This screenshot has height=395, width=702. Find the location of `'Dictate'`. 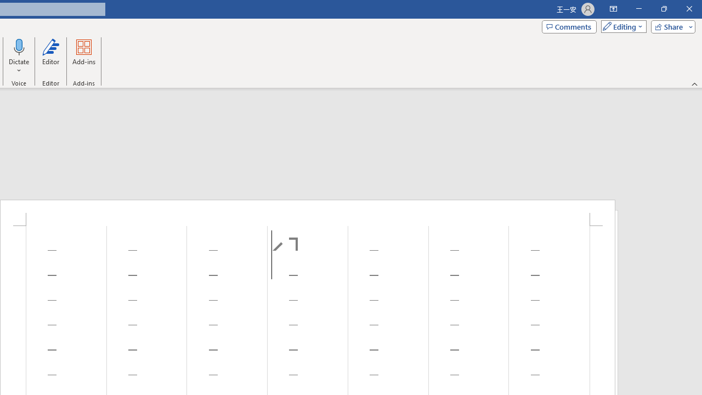

'Dictate' is located at coordinates (19, 46).